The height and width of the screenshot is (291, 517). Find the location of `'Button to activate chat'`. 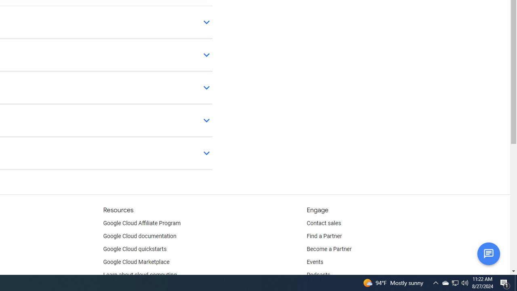

'Button to activate chat' is located at coordinates (488, 253).